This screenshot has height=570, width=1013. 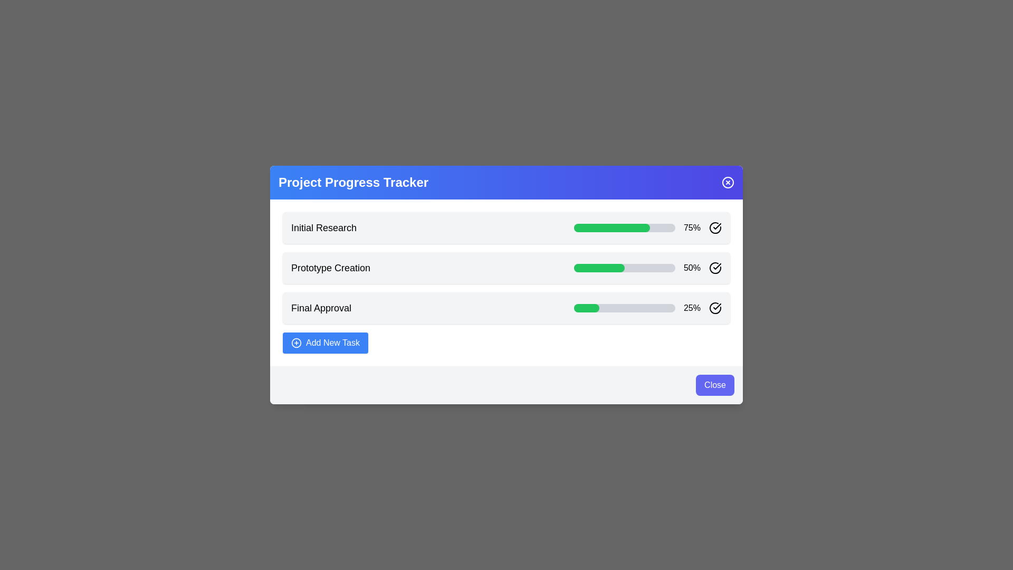 I want to click on visual state of the filled progress bar indicating 50% completion for the 'Prototype Creation' task in the 'Project Progress Tracker' panel, so click(x=599, y=268).